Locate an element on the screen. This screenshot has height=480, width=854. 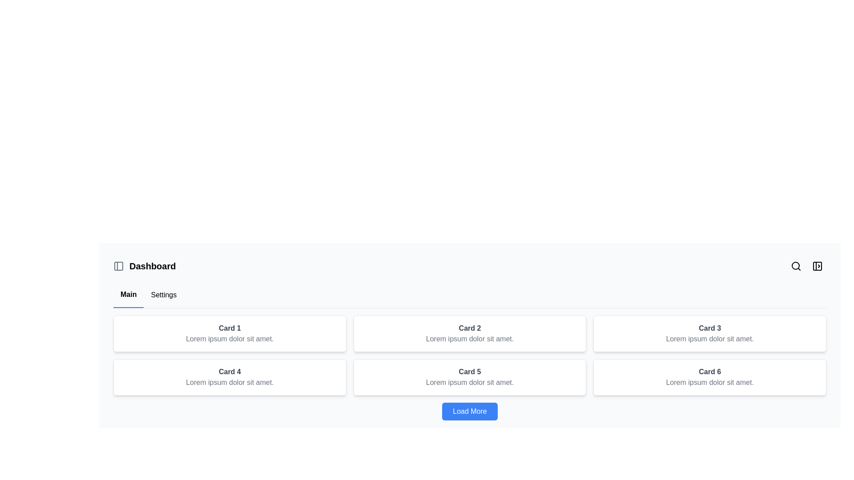
the bold textual label displaying 'Card 6', which is styled with a grayish font color and is visually centered within its rectangular card in the second row and second column of the grid is located at coordinates (709, 372).